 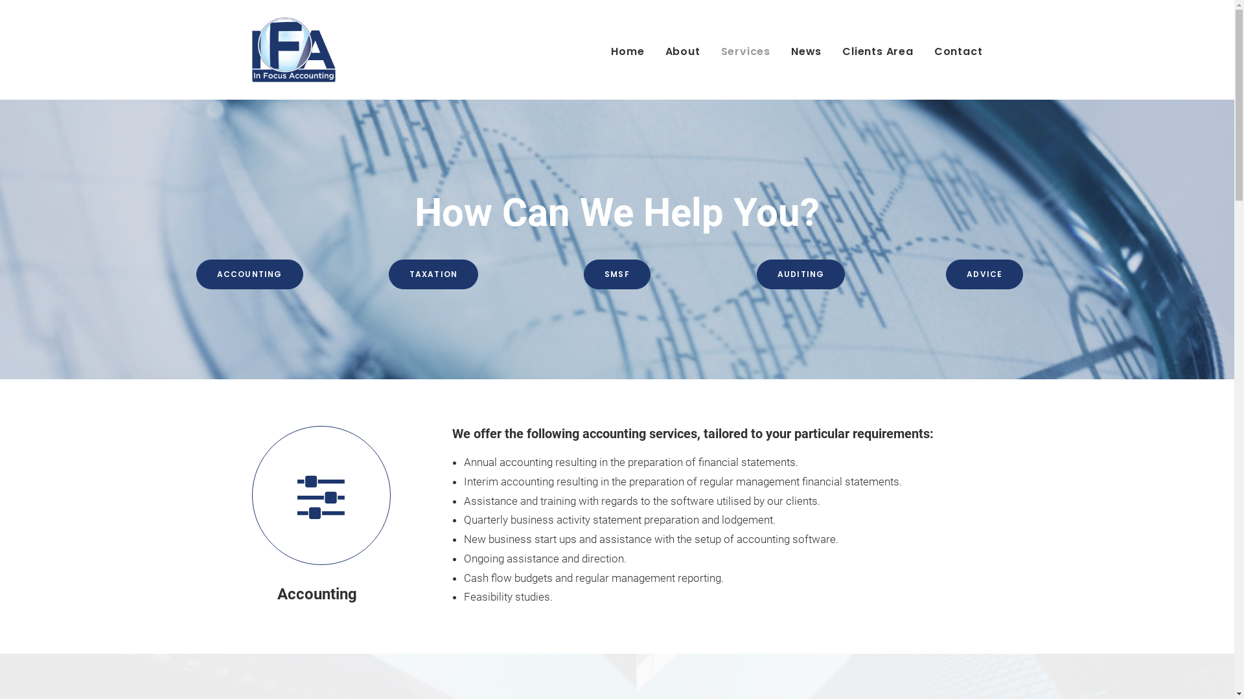 What do you see at coordinates (954, 49) in the screenshot?
I see `'Contact'` at bounding box center [954, 49].